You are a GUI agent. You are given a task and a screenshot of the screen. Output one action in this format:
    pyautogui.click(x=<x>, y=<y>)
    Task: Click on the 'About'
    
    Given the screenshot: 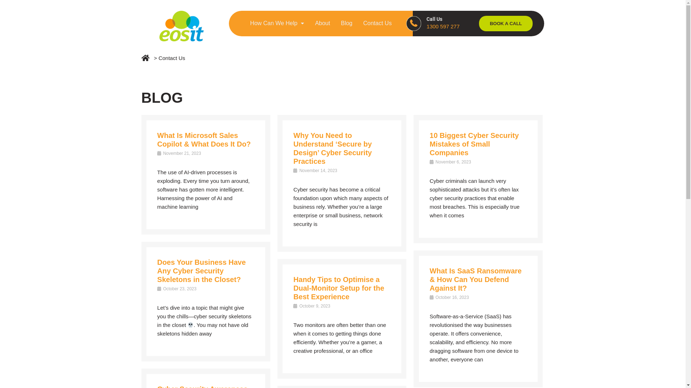 What is the action you would take?
    pyautogui.click(x=309, y=23)
    